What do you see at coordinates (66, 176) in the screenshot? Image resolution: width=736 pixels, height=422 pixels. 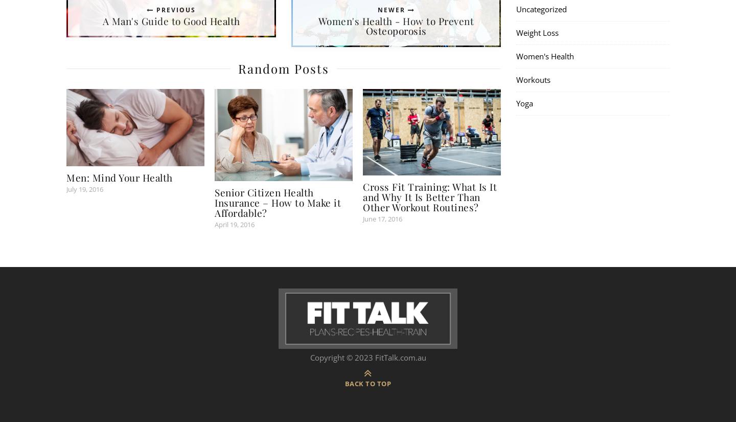 I see `'Men: Mind Your Health'` at bounding box center [66, 176].